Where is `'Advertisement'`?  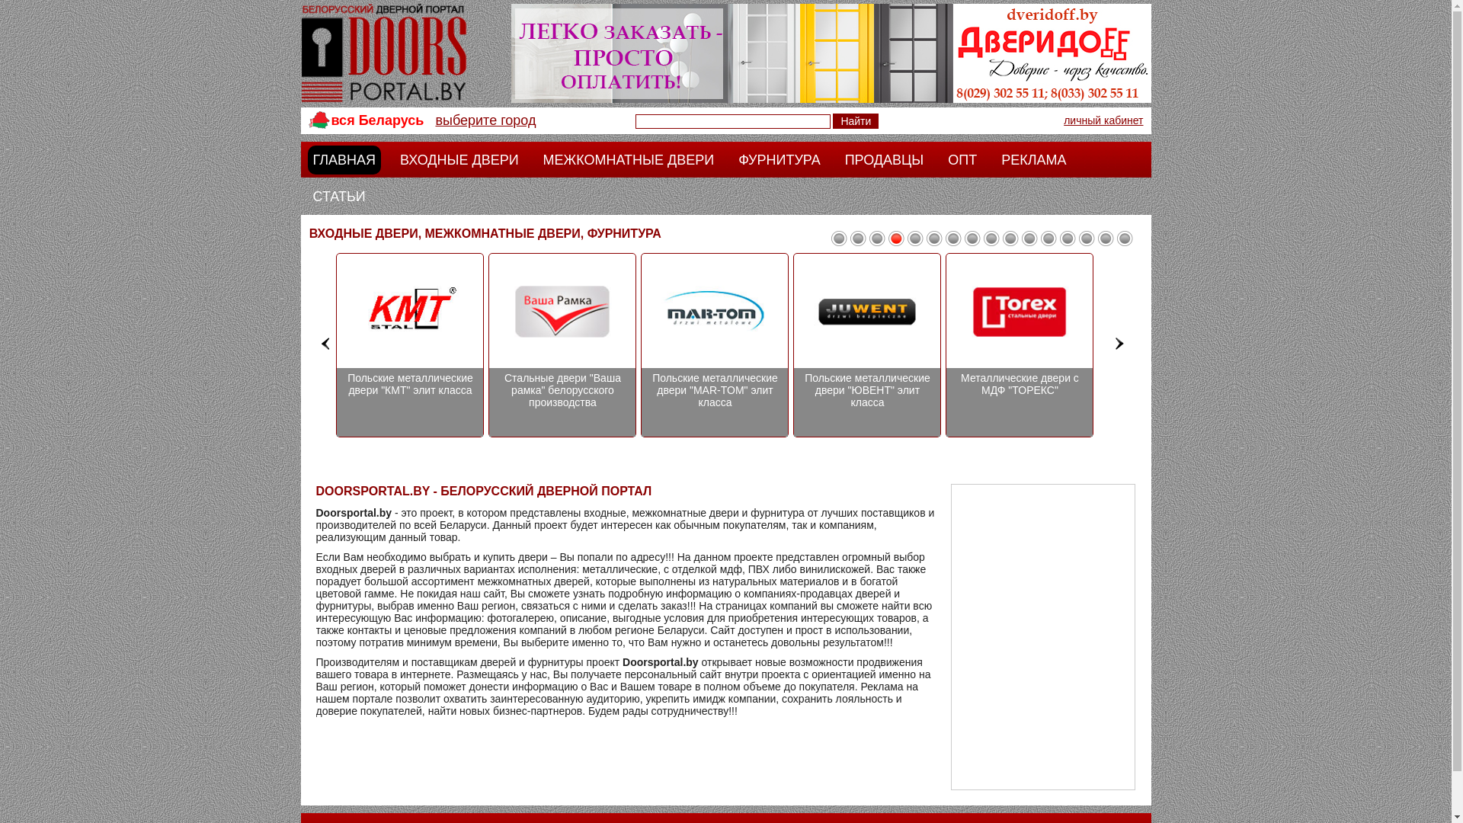
'Advertisement' is located at coordinates (1042, 637).